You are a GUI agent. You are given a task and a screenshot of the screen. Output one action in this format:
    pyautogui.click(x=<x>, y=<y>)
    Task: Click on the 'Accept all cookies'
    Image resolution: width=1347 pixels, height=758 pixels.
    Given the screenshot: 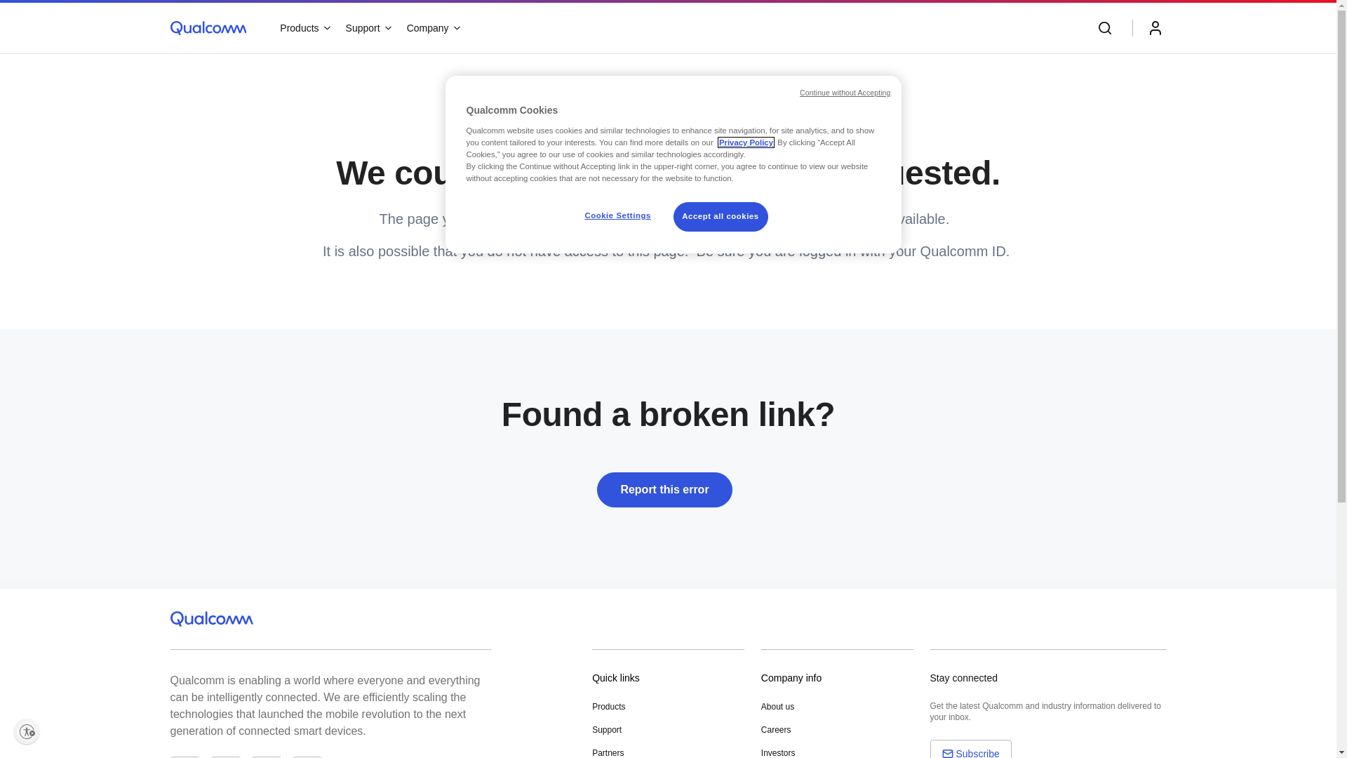 What is the action you would take?
    pyautogui.click(x=721, y=216)
    